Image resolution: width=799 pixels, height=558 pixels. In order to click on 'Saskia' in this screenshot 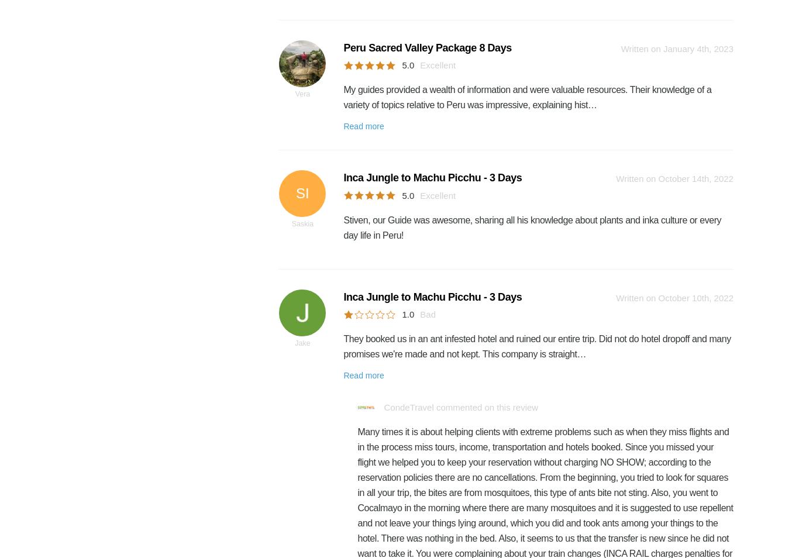, I will do `click(302, 224)`.